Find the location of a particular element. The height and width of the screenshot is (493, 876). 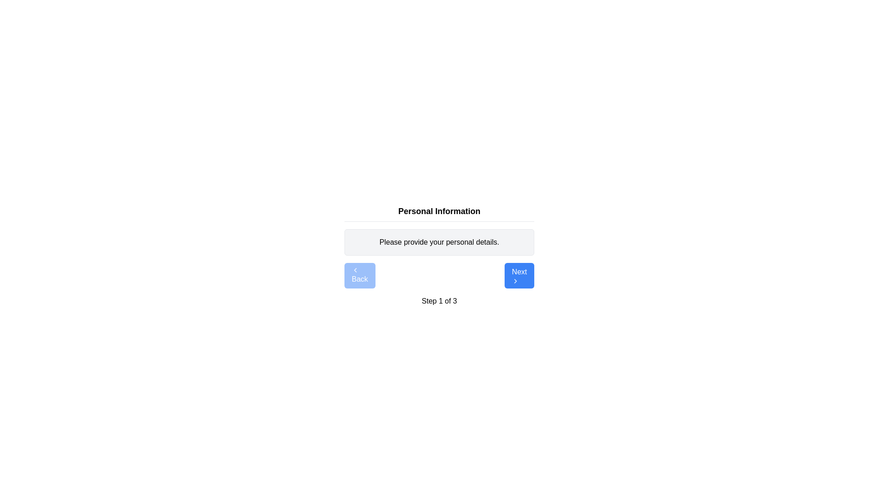

the rectangular blue button labeled 'Next' with a right-pointing chevron icon to proceed is located at coordinates (519, 275).